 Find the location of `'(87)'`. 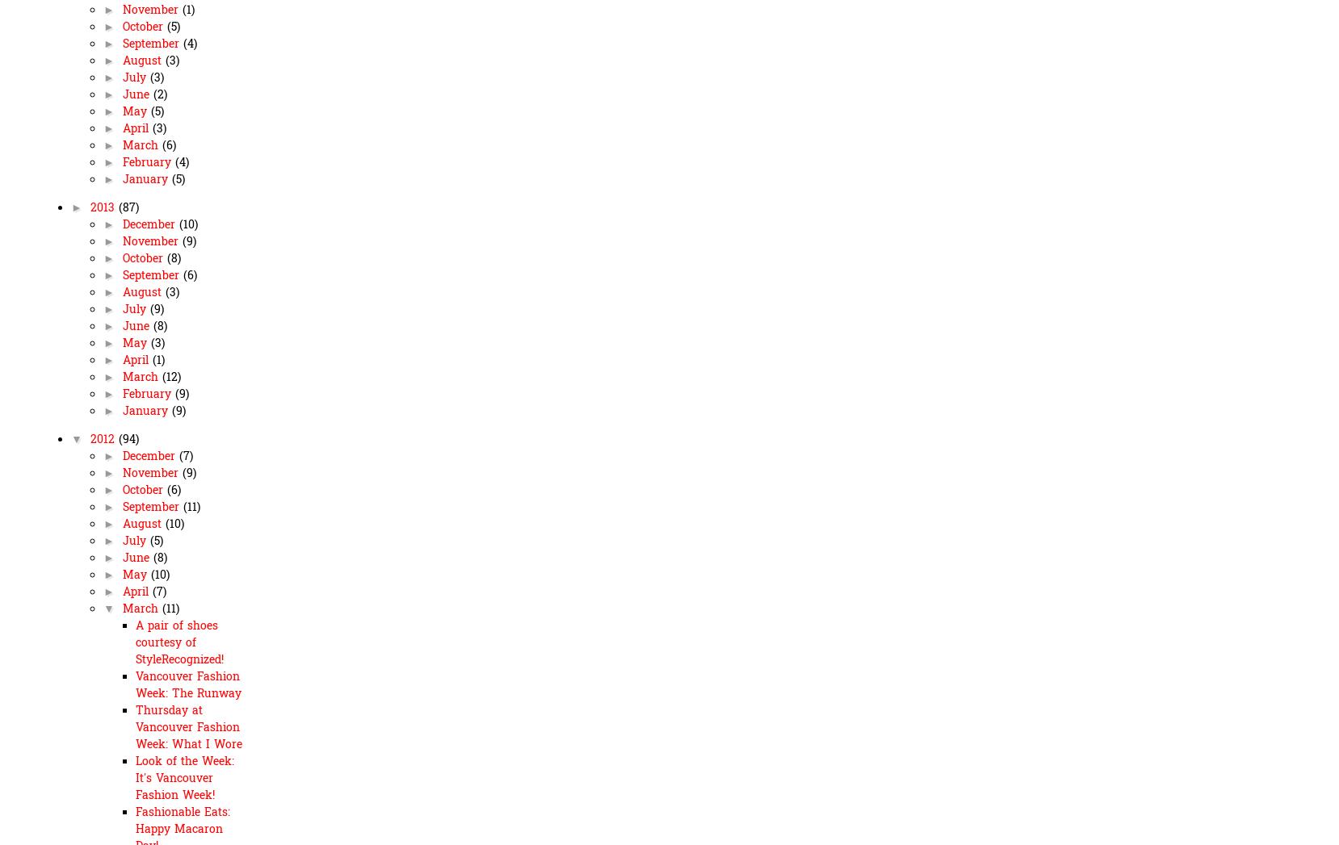

'(87)' is located at coordinates (128, 207).